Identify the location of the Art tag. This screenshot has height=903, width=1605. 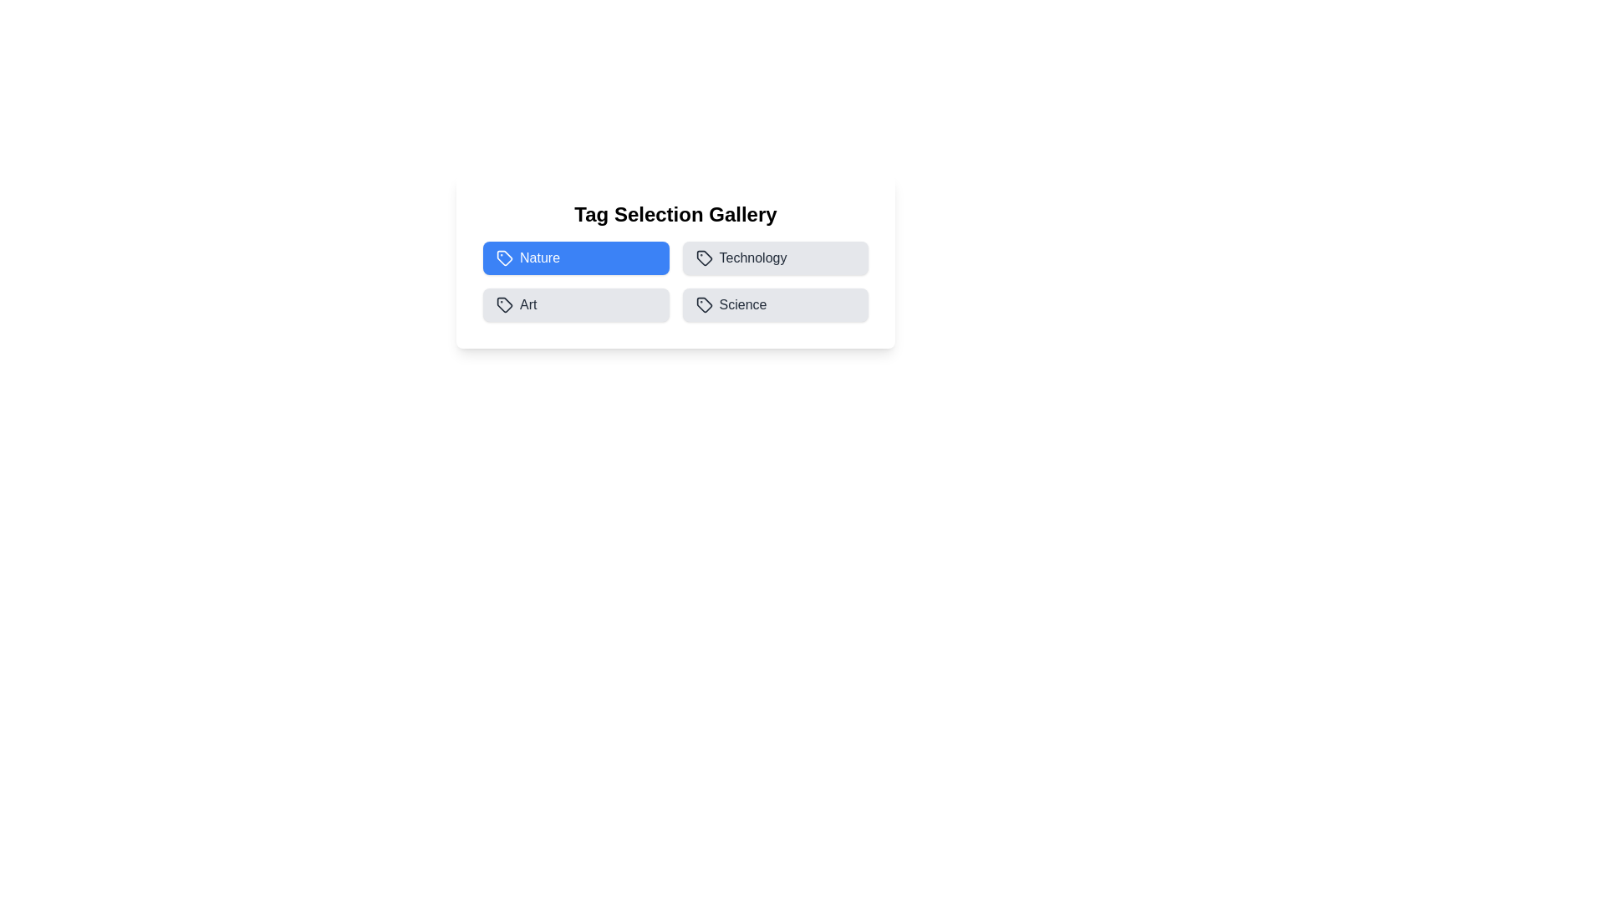
(576, 305).